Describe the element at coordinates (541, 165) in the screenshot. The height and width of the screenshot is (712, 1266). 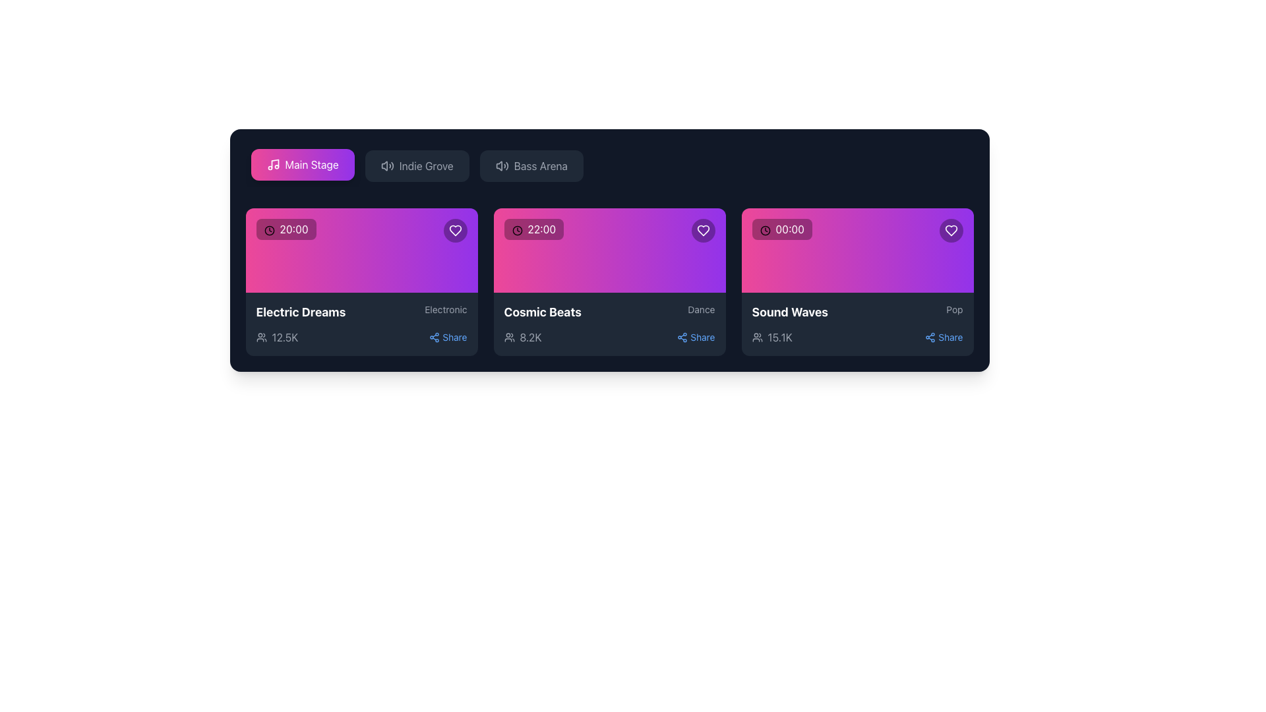
I see `the 'Bass Arena' button located as the third option in a horizontal row of three buttons at the top section of the interface` at that location.